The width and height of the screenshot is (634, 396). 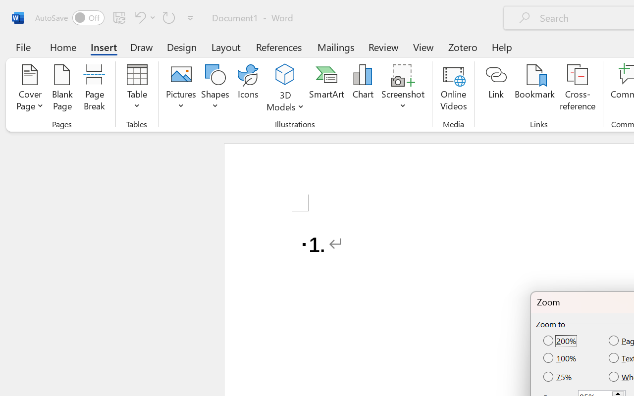 I want to click on '200%', so click(x=561, y=341).